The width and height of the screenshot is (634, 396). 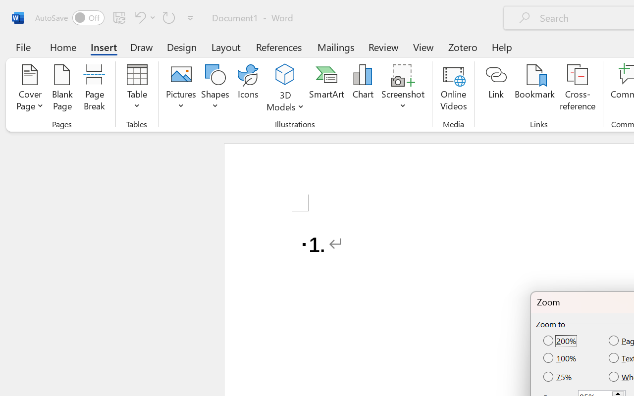 I want to click on '200%', so click(x=561, y=341).